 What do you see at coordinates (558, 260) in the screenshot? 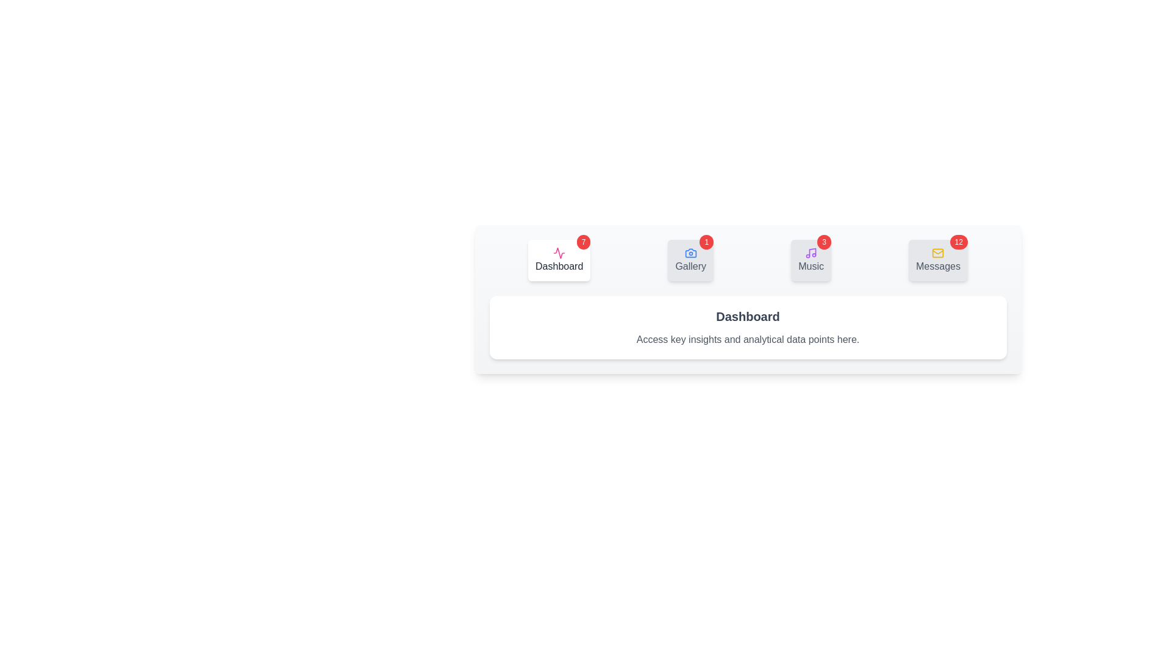
I see `the tab labeled Dashboard to view its content` at bounding box center [558, 260].